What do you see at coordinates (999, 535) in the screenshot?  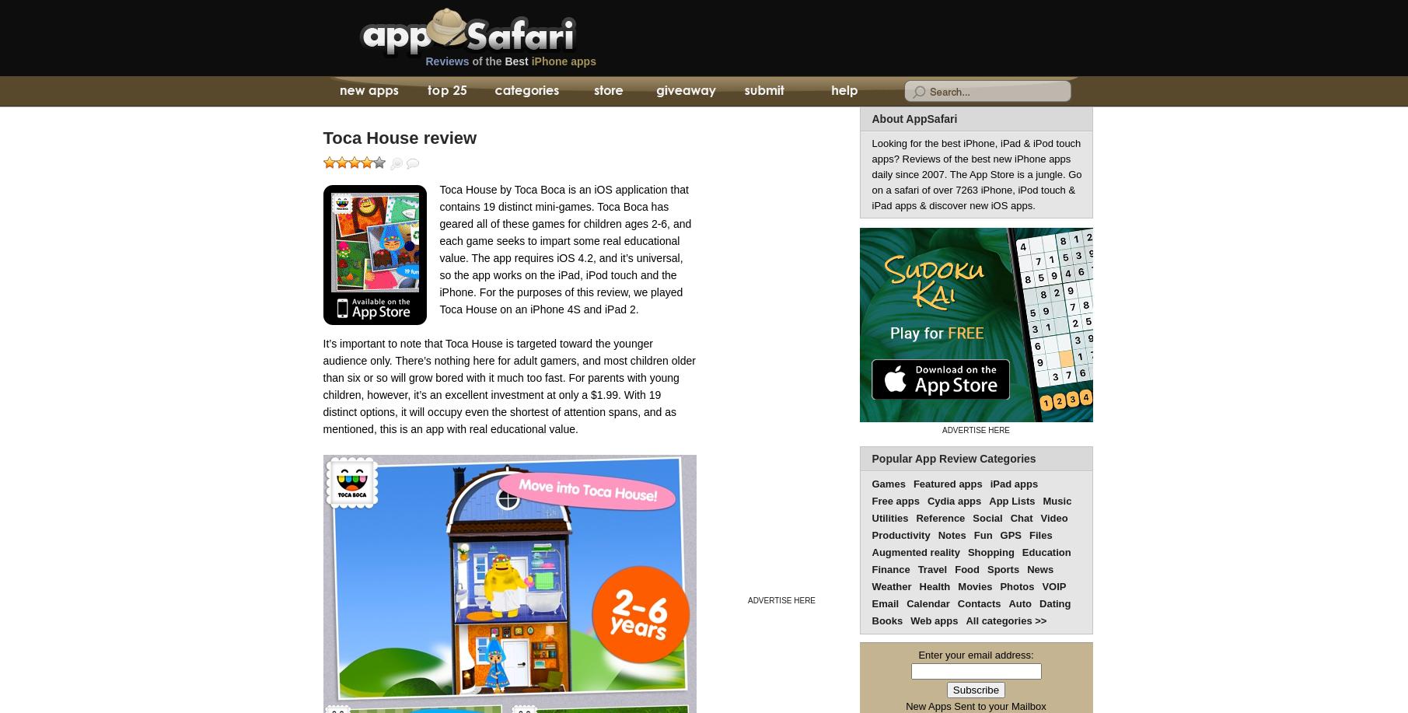 I see `'GPS'` at bounding box center [999, 535].